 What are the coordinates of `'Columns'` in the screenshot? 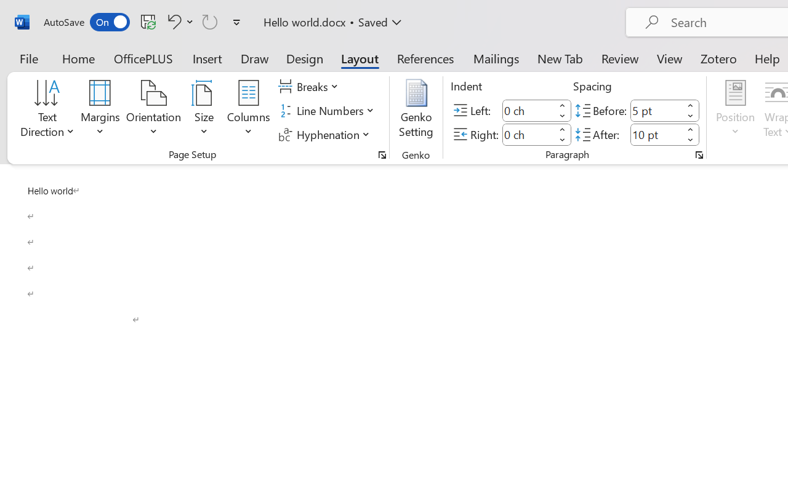 It's located at (248, 110).